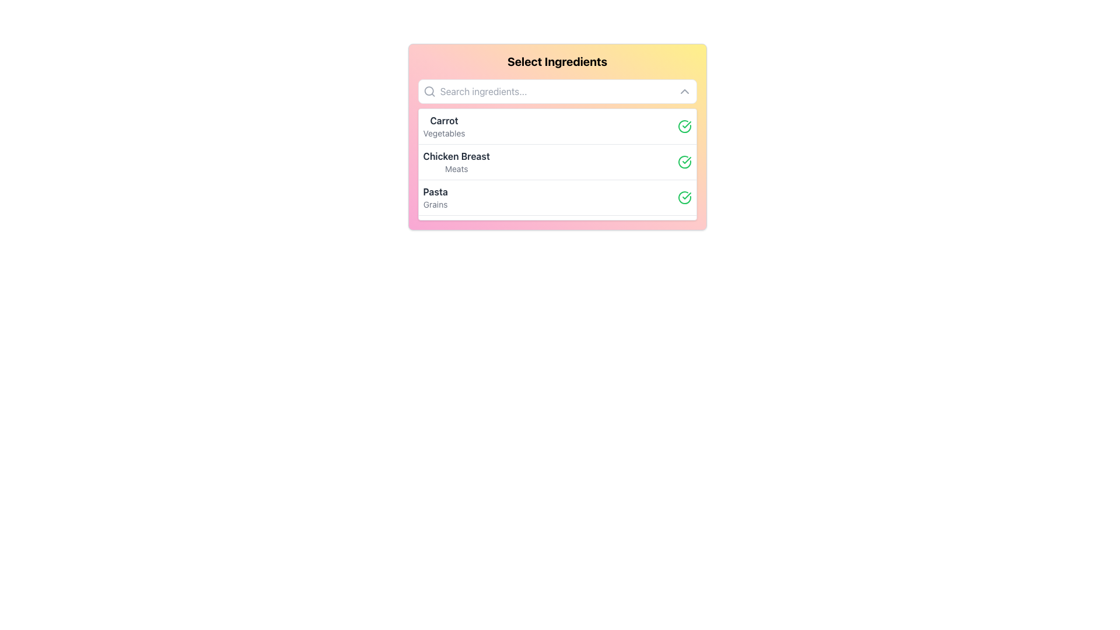 Image resolution: width=1120 pixels, height=630 pixels. I want to click on the button or interactive icon located to the right of the 'Search Ingredients...' text input field, so click(684, 91).